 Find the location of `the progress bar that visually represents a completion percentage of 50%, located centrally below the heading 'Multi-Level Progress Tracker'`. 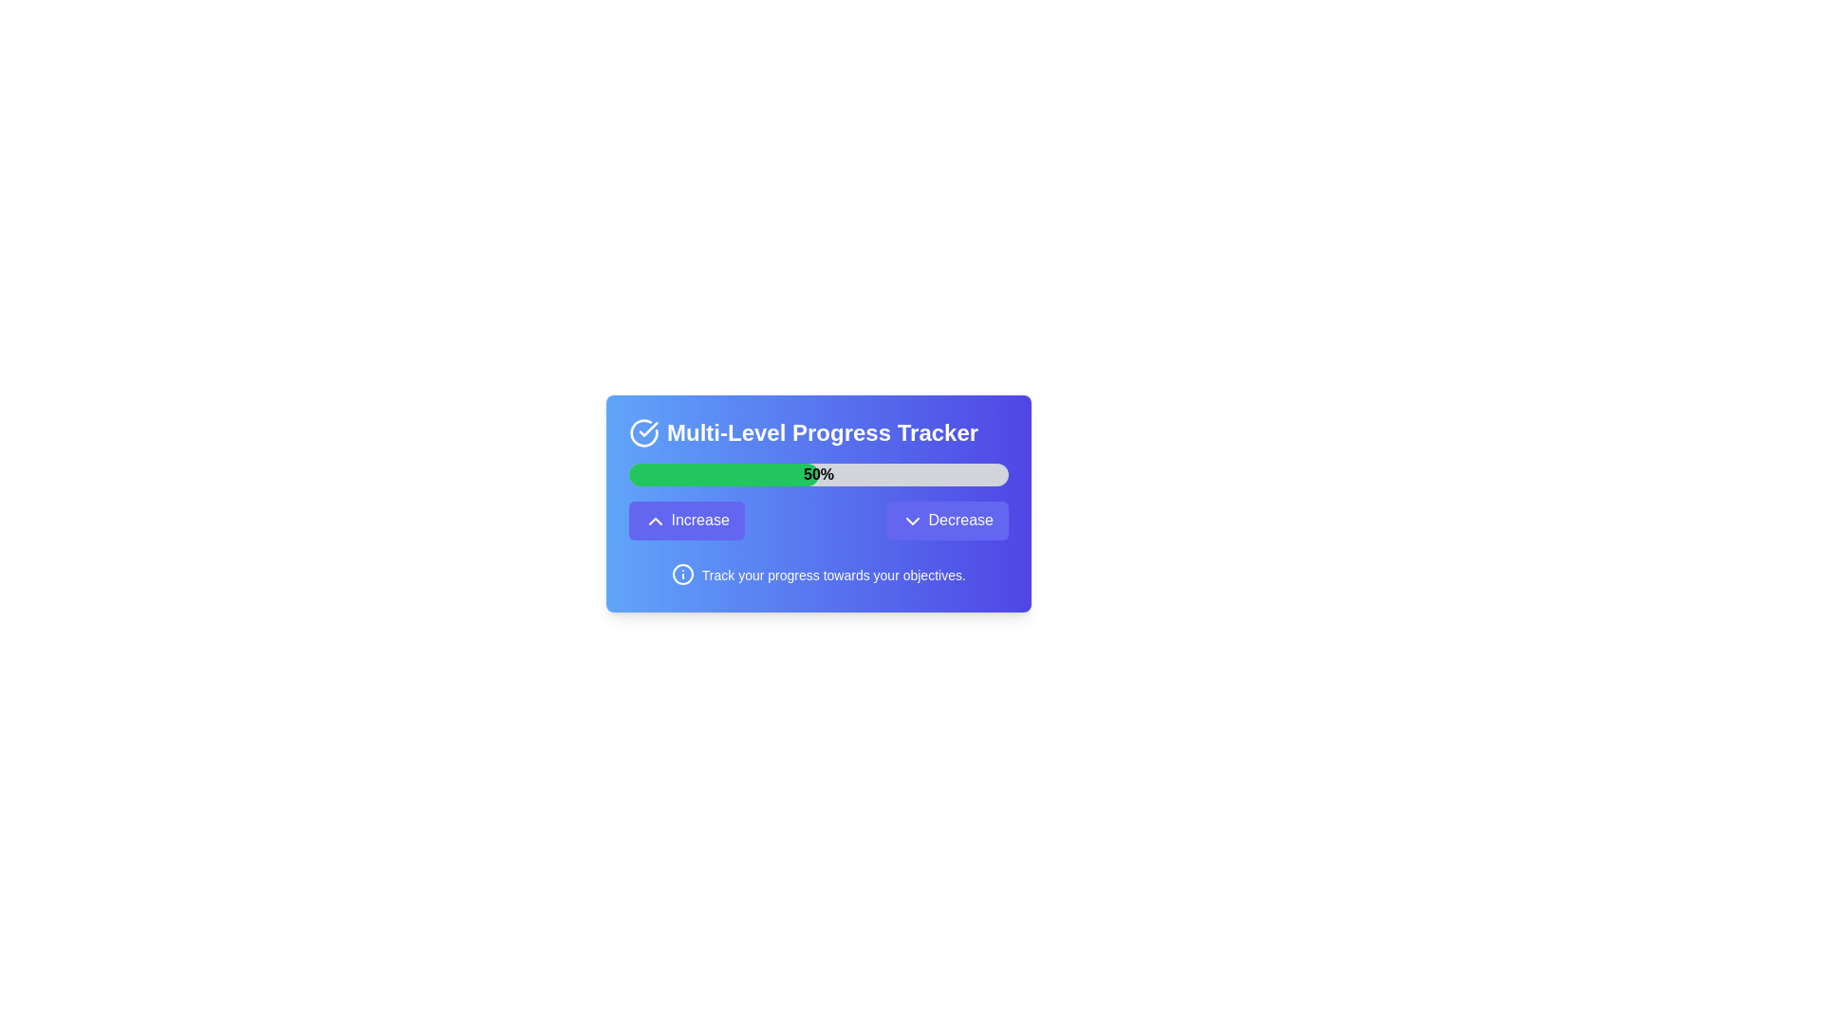

the progress bar that visually represents a completion percentage of 50%, located centrally below the heading 'Multi-Level Progress Tracker' is located at coordinates (819, 474).